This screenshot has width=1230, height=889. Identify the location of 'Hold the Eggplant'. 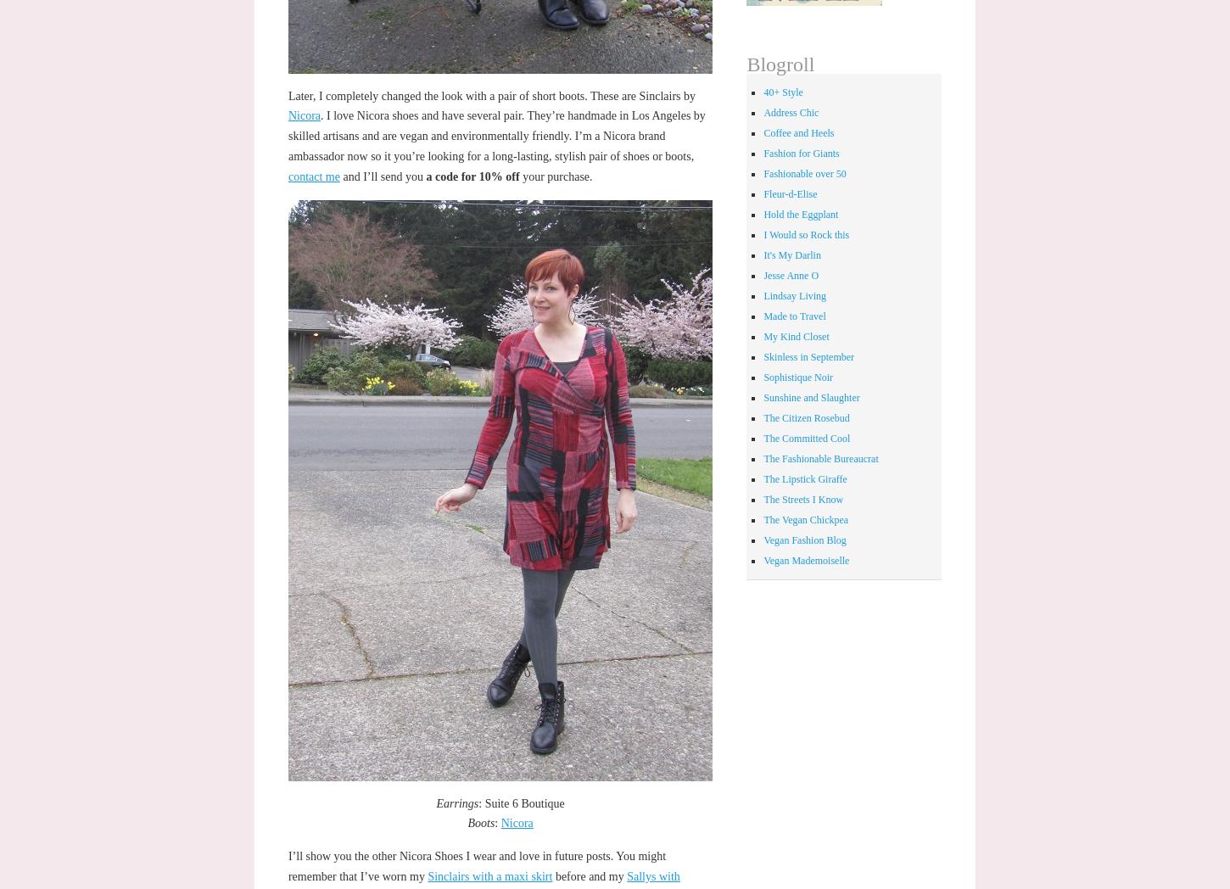
(799, 214).